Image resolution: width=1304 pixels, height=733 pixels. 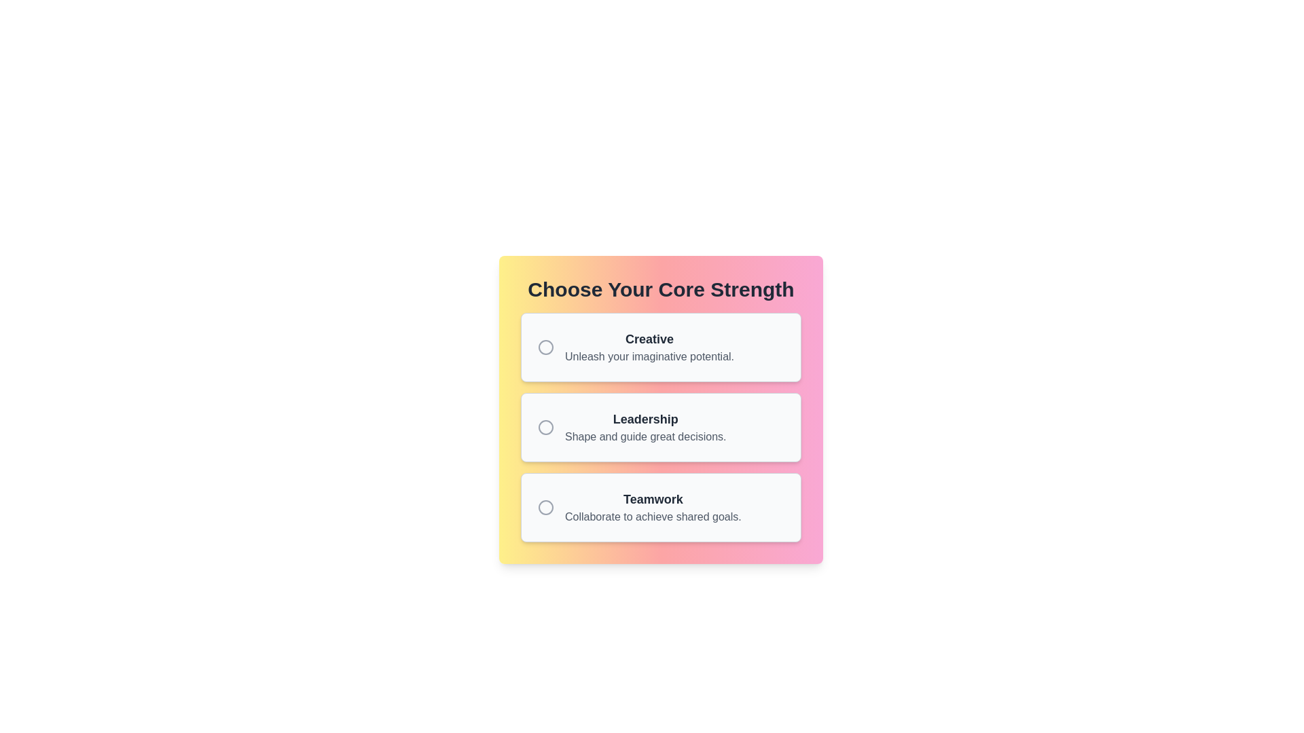 I want to click on the radio button located in the second option group titled 'Leadership' in a vertical list, so click(x=546, y=426).